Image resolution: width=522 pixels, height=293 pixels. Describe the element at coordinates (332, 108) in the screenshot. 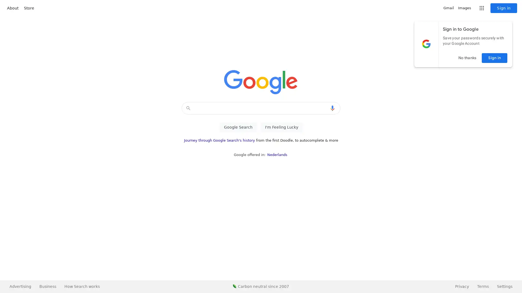

I see `Search by voice` at that location.